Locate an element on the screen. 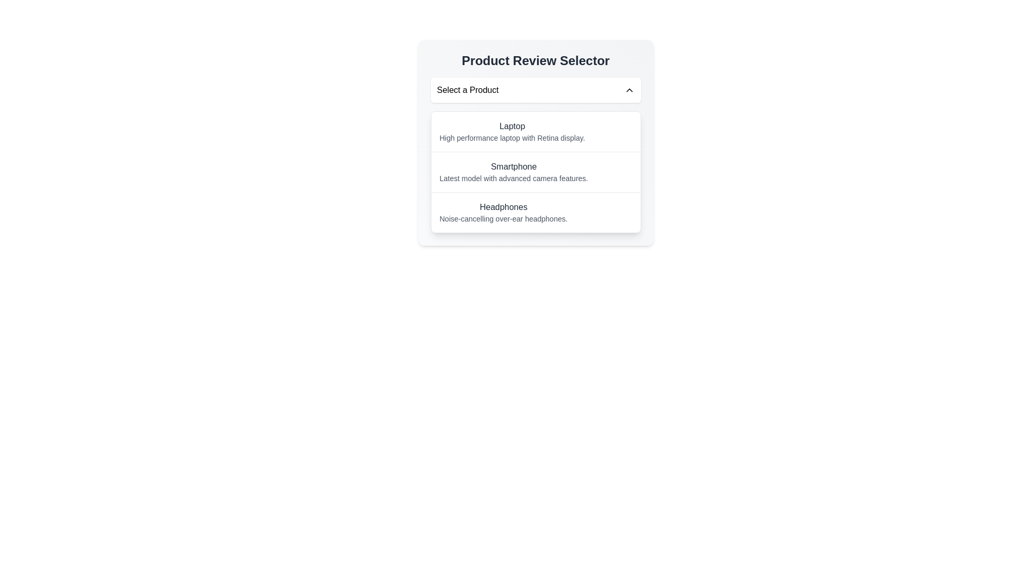  the second item in the product list titled 'Smartphone' is located at coordinates (513, 171).